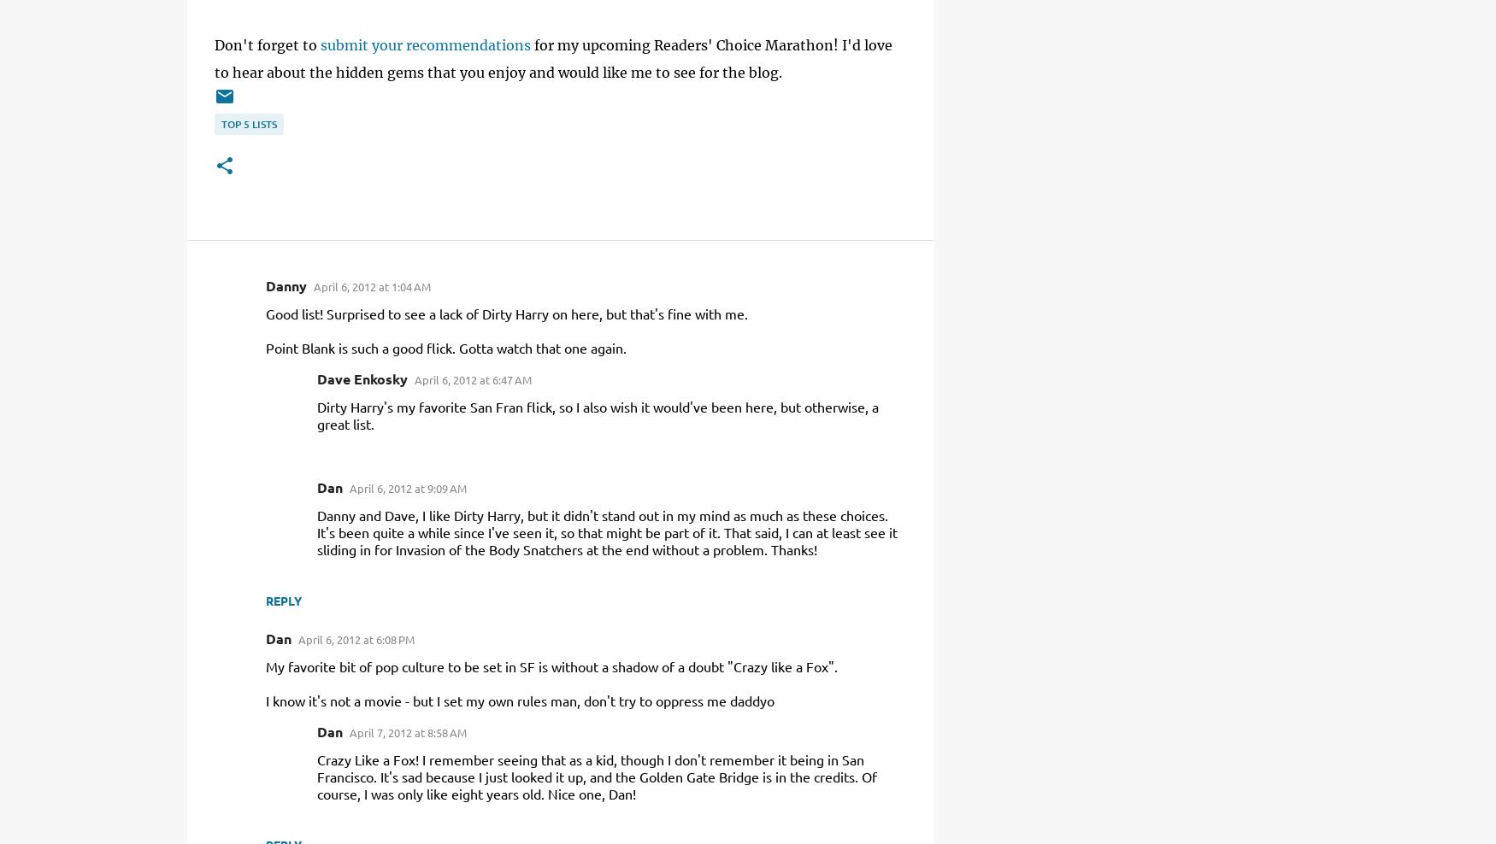 Image resolution: width=1496 pixels, height=844 pixels. Describe the element at coordinates (445, 346) in the screenshot. I see `'Point Blank is such a good flick. Gotta watch that one again.'` at that location.